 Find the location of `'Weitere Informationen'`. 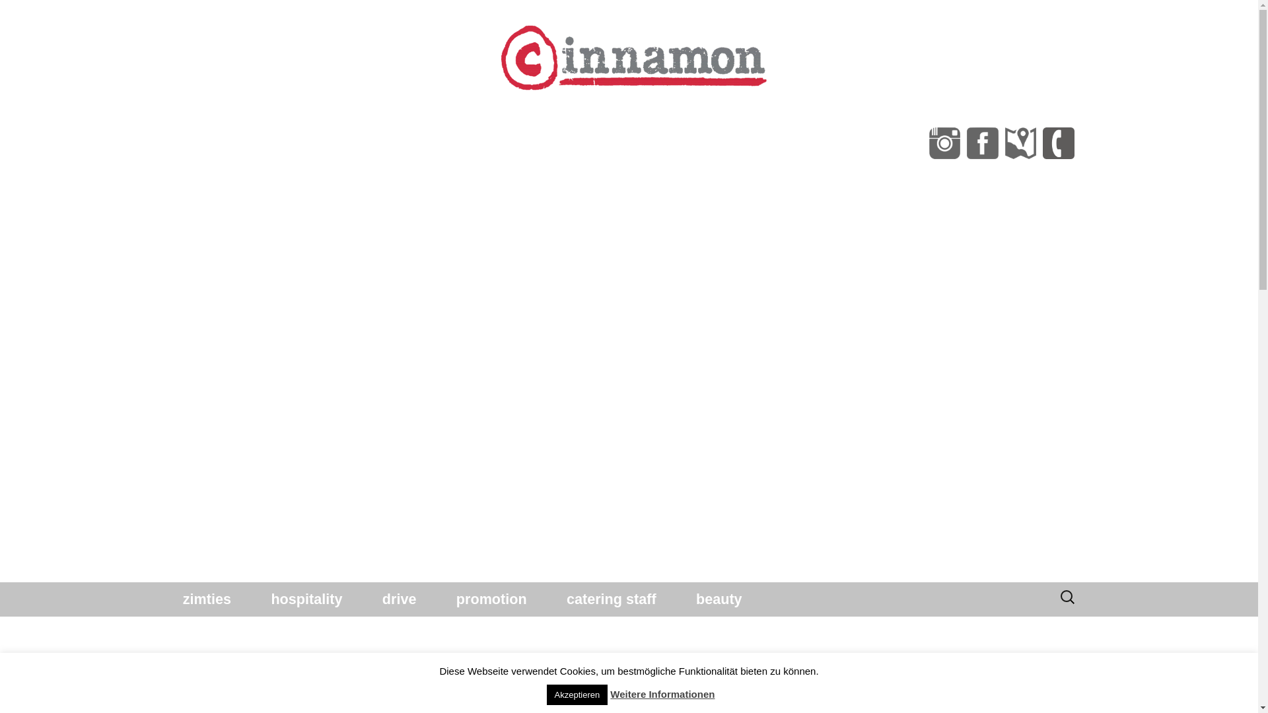

'Weitere Informationen' is located at coordinates (610, 694).